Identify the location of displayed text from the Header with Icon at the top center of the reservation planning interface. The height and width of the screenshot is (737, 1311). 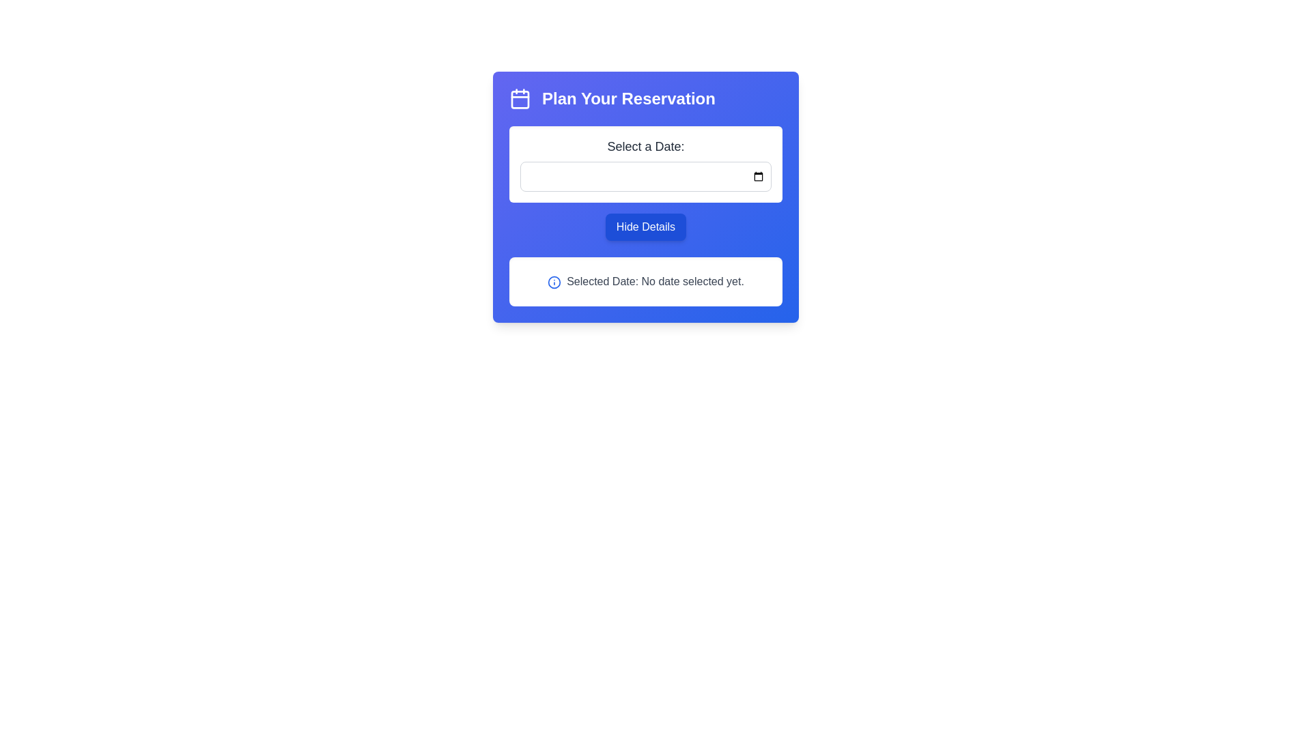
(645, 98).